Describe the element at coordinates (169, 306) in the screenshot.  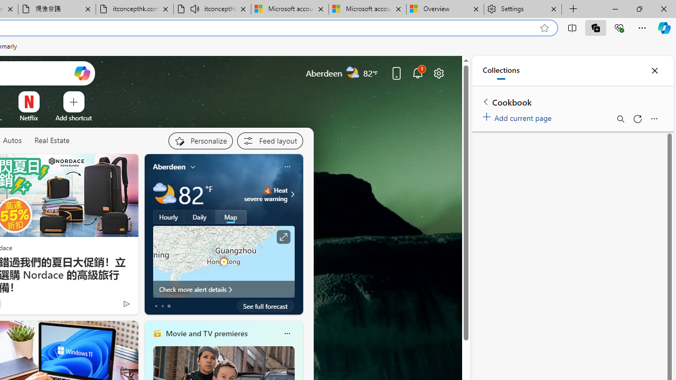
I see `'tab-2'` at that location.